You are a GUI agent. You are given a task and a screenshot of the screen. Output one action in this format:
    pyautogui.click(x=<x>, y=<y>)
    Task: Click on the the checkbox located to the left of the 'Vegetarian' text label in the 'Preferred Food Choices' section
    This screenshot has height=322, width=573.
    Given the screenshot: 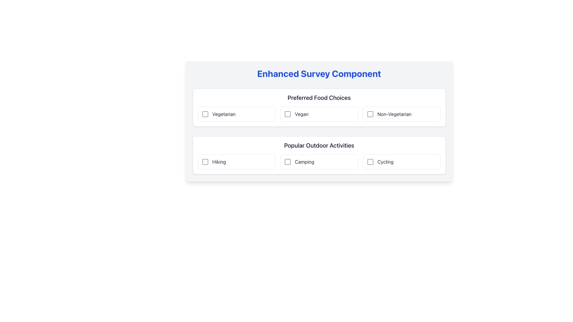 What is the action you would take?
    pyautogui.click(x=205, y=114)
    